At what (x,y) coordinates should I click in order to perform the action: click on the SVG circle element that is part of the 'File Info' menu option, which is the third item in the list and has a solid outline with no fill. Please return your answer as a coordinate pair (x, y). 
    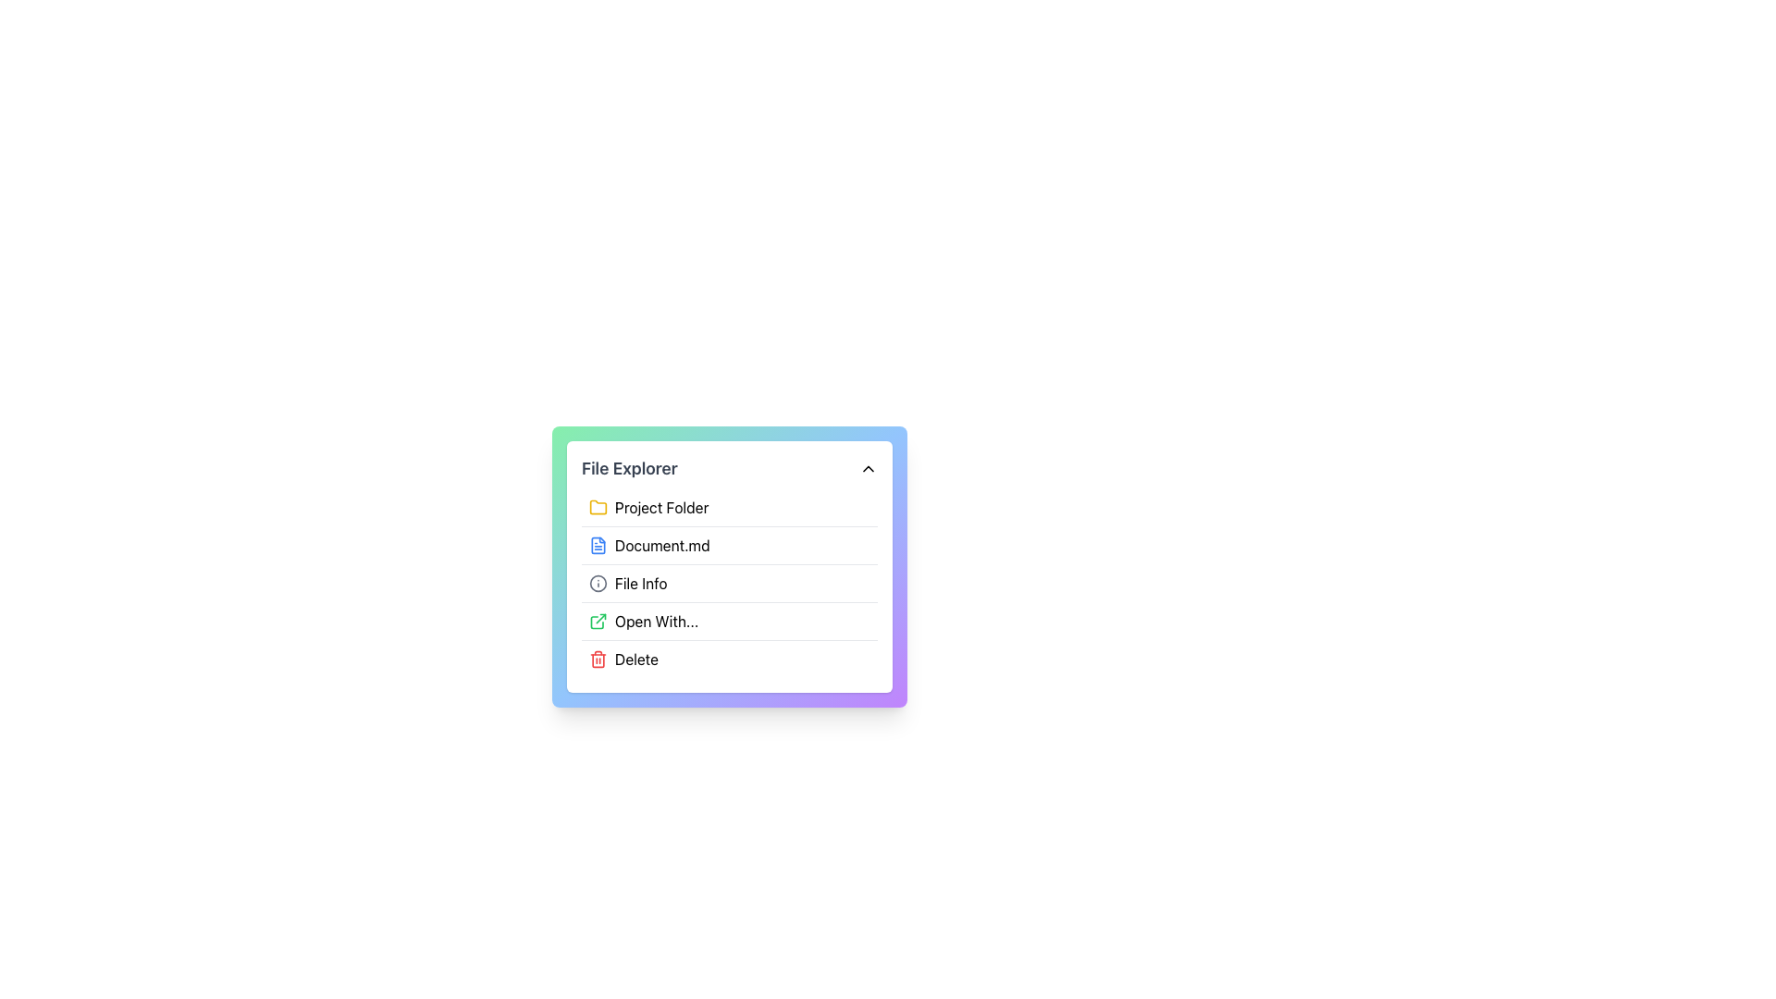
    Looking at the image, I should click on (598, 584).